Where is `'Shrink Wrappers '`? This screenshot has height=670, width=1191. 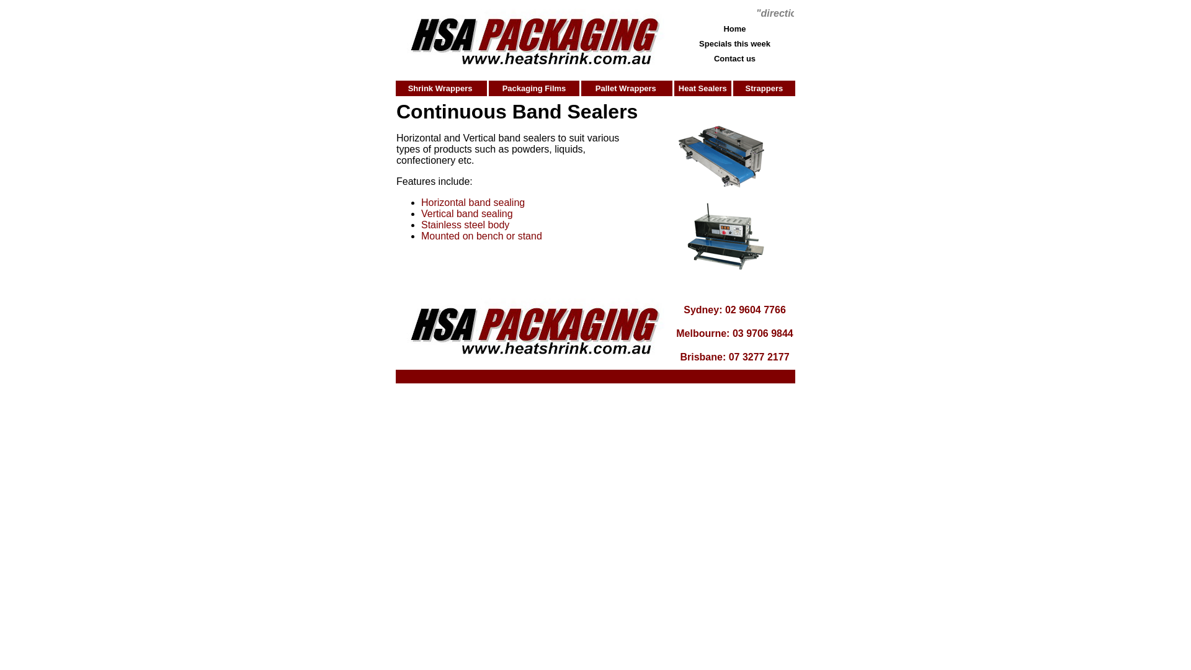
'Shrink Wrappers ' is located at coordinates (441, 87).